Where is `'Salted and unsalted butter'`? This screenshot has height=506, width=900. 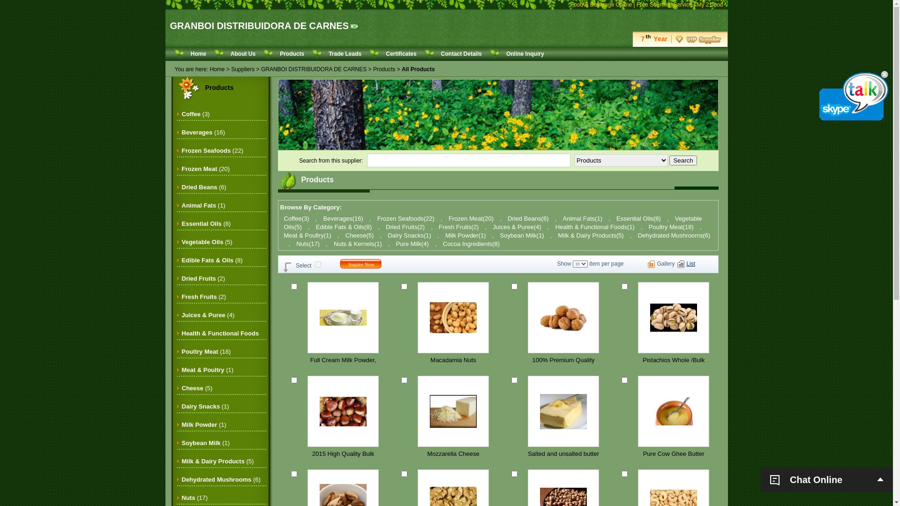
'Salted and unsalted butter' is located at coordinates (563, 453).